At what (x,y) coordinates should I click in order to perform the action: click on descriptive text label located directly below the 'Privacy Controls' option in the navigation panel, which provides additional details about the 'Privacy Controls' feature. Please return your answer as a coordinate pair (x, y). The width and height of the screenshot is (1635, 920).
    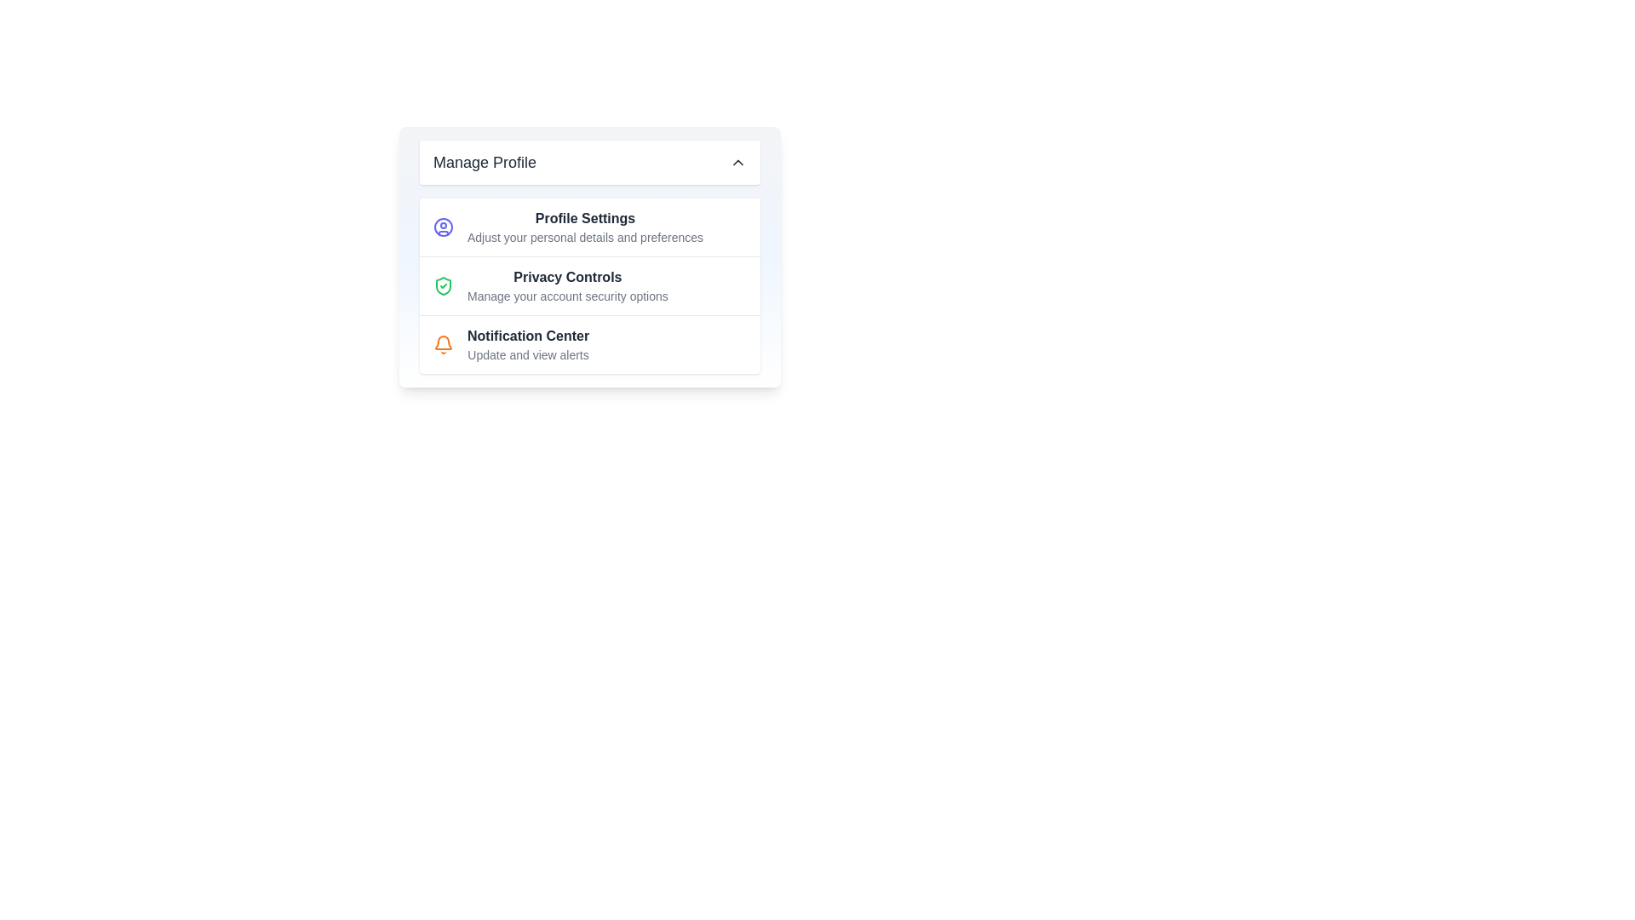
    Looking at the image, I should click on (567, 295).